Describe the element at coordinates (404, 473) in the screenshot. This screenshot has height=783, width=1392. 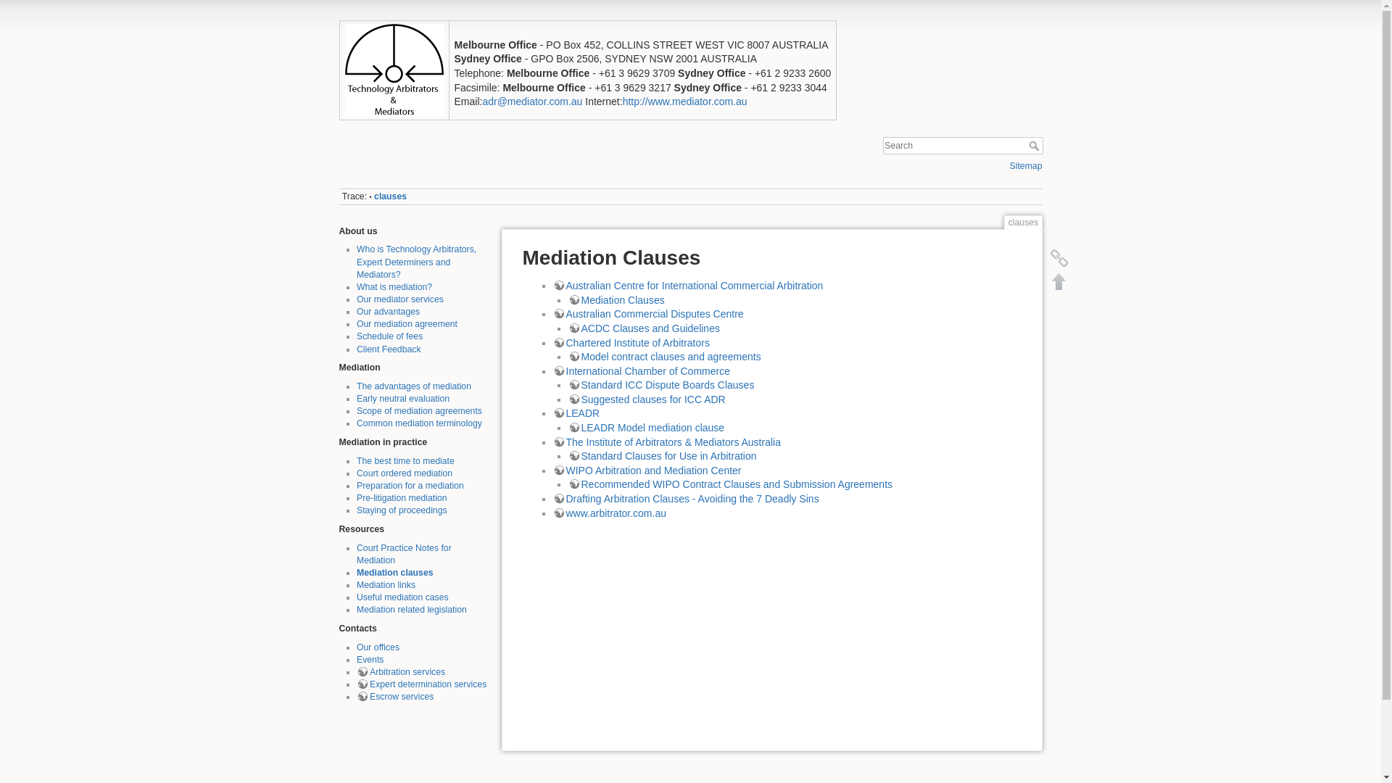
I see `'Court ordered mediation'` at that location.